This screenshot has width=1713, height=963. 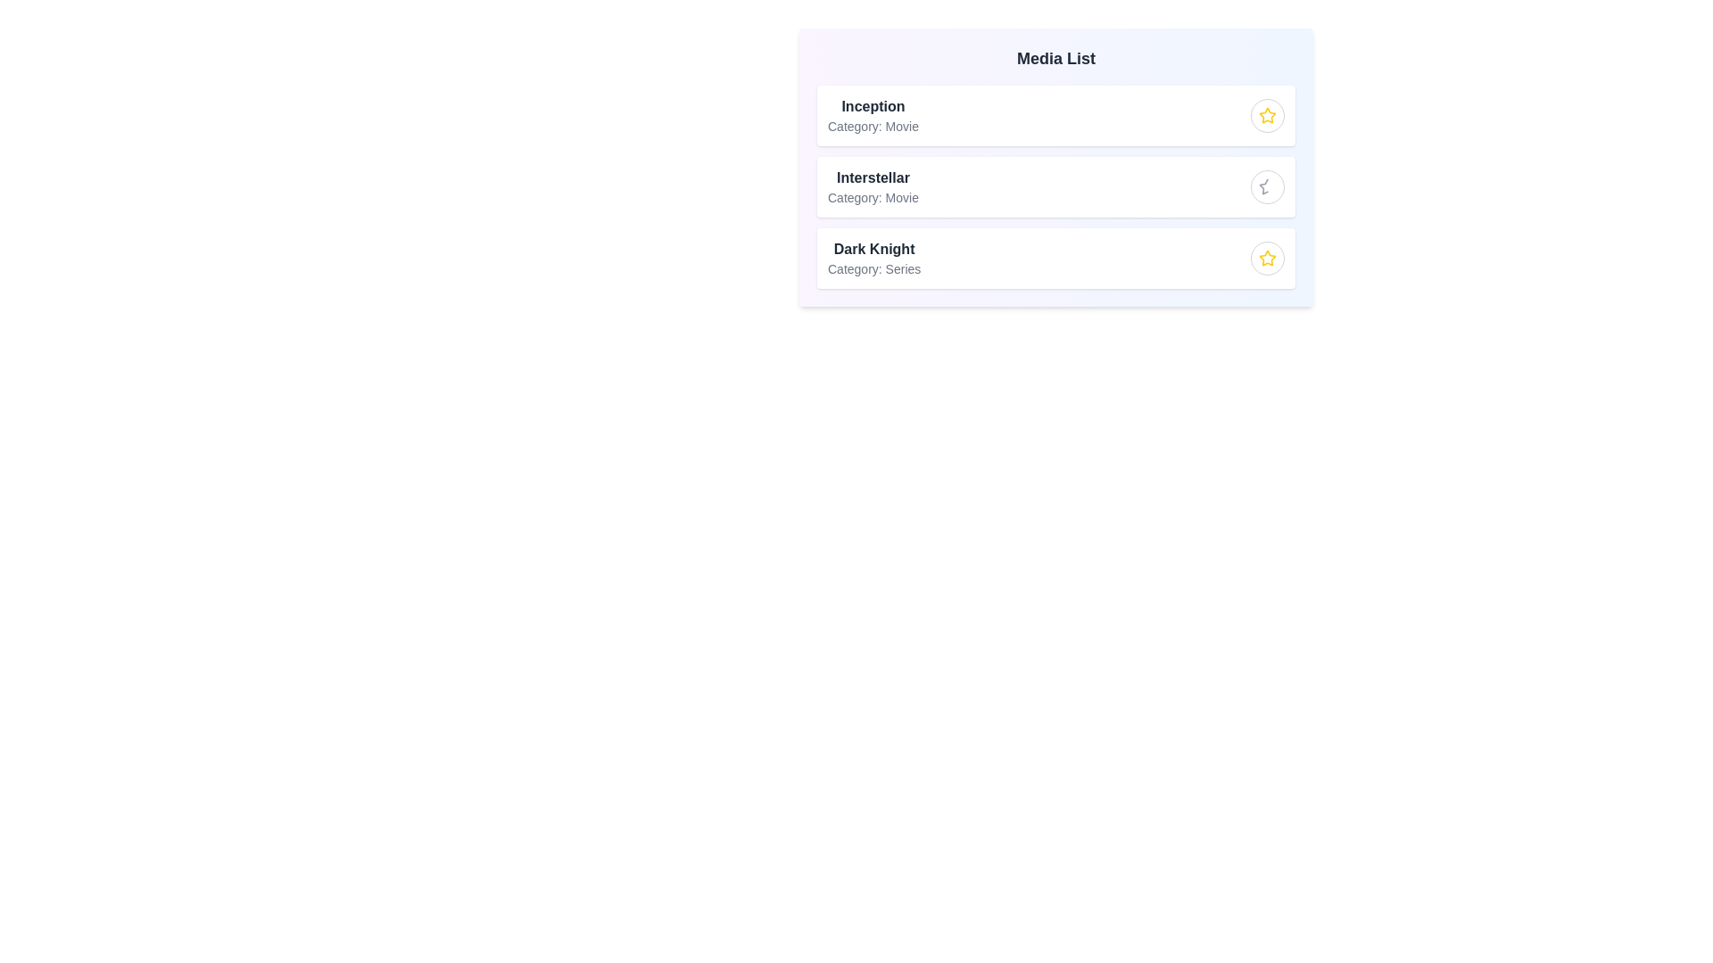 What do you see at coordinates (1266, 258) in the screenshot?
I see `star icon of the media item titled 'Dark Knight' to toggle its 'starred' status` at bounding box center [1266, 258].